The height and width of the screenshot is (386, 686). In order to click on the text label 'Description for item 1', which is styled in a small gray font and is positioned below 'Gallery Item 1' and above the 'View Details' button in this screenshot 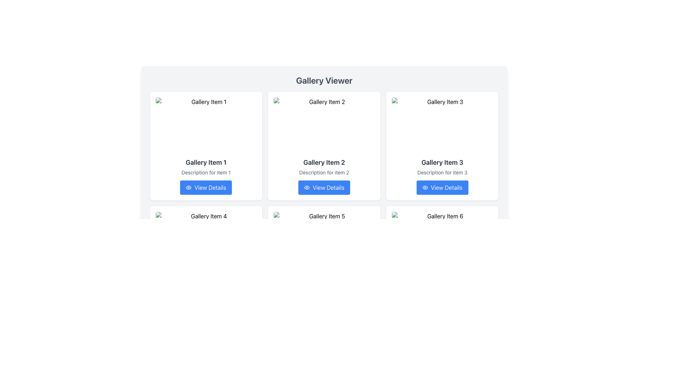, I will do `click(205, 172)`.